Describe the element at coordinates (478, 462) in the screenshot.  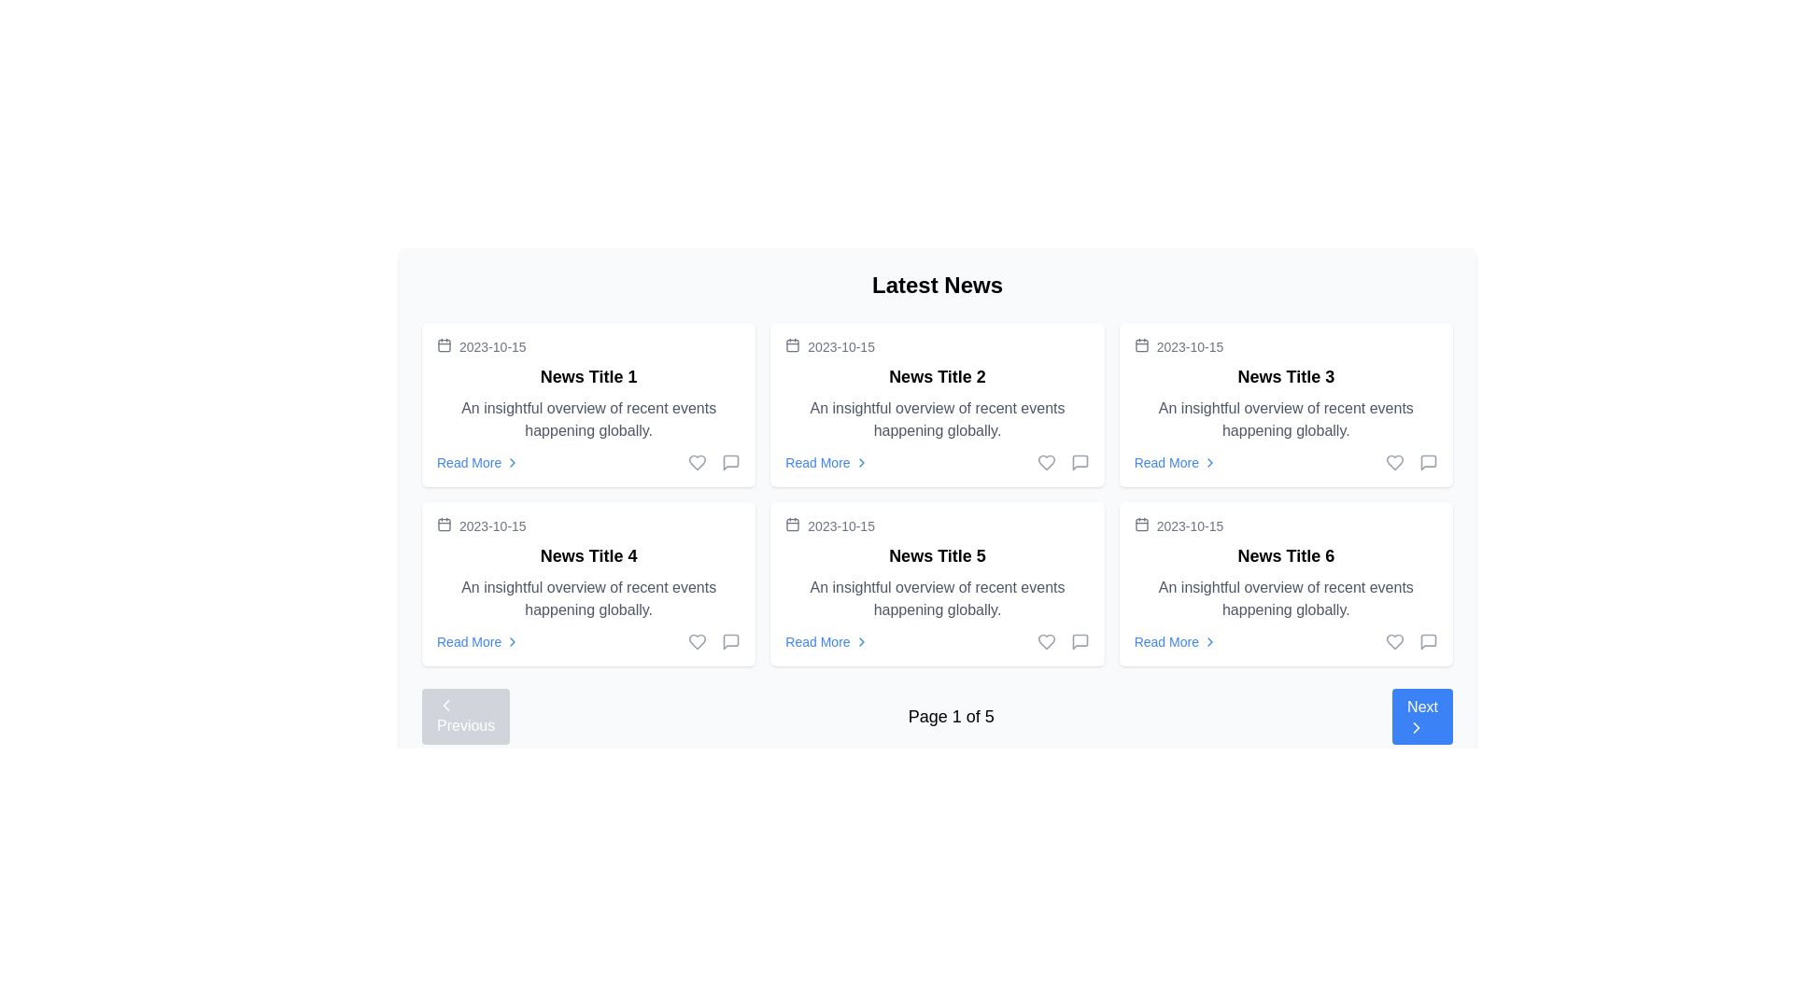
I see `the hyperlink with an accompanying icon located at the bottom of the box representing 'News Title 1'` at that location.